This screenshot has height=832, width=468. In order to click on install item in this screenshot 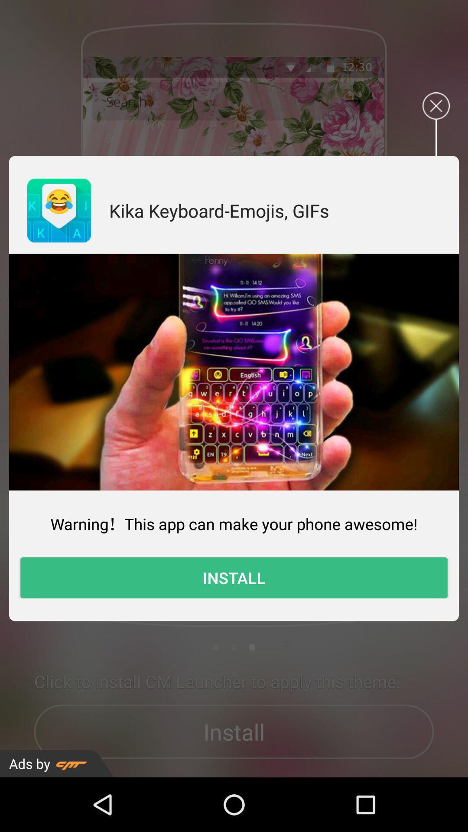, I will do `click(234, 578)`.